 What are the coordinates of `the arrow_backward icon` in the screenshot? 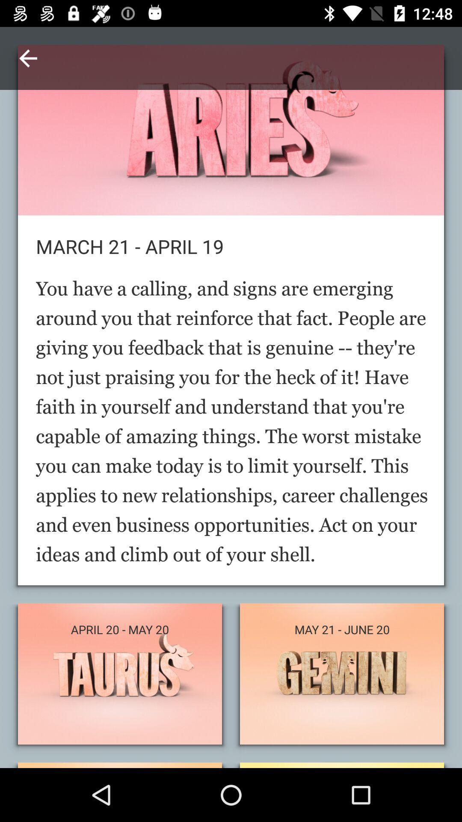 It's located at (27, 58).